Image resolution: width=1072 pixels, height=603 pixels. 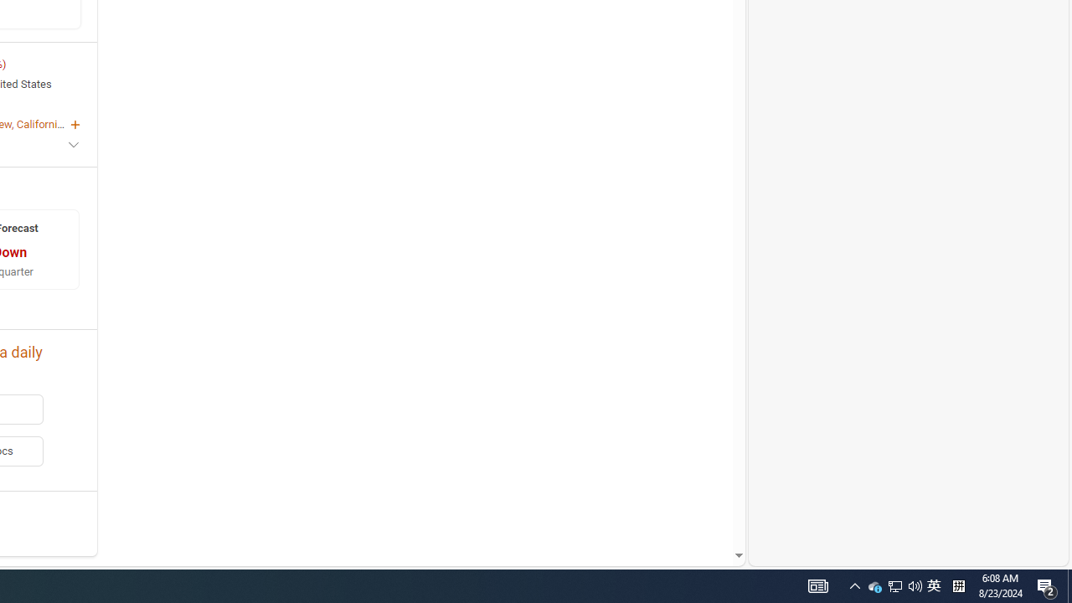 What do you see at coordinates (676, 504) in the screenshot?
I see `'AutomationID: mfa_root'` at bounding box center [676, 504].